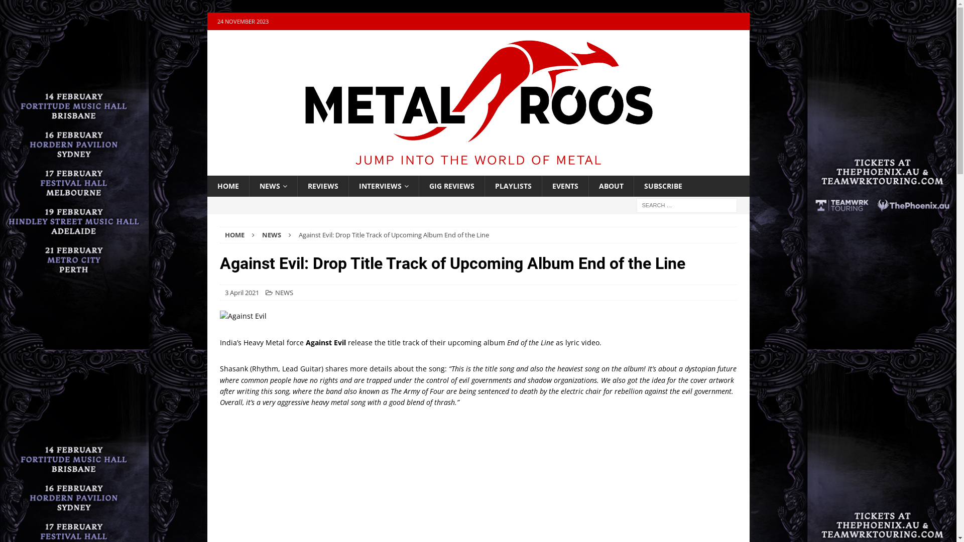  What do you see at coordinates (484, 186) in the screenshot?
I see `'PLAYLISTS'` at bounding box center [484, 186].